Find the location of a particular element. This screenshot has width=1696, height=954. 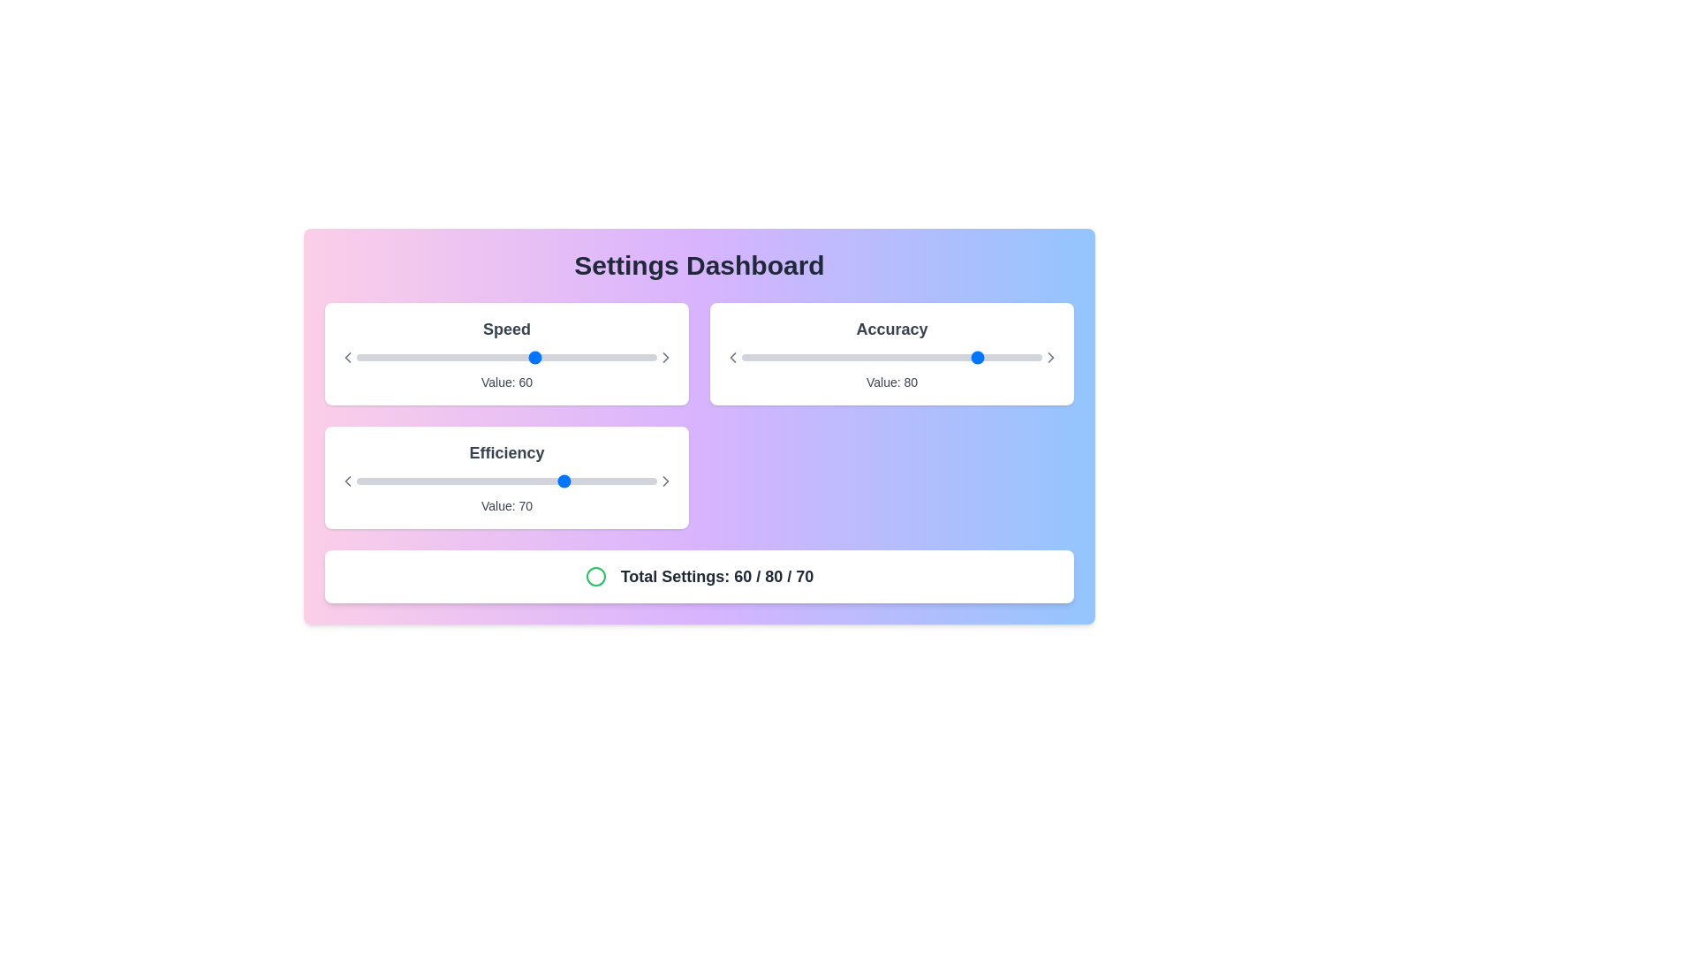

the 'Accuracy' value indicator text label, which displays the current value of 80 and is positioned directly below the 'Accuracy' slider is located at coordinates (891, 381).